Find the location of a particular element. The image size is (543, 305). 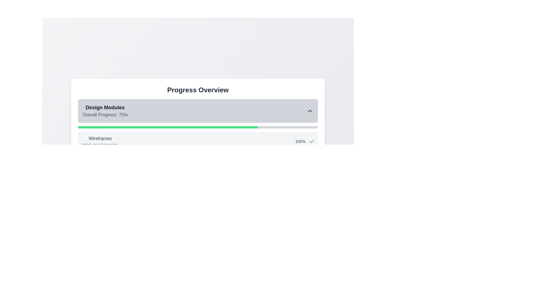

the title label element located above the 'Initial visual planning' text in the top left of the module card is located at coordinates (100, 138).